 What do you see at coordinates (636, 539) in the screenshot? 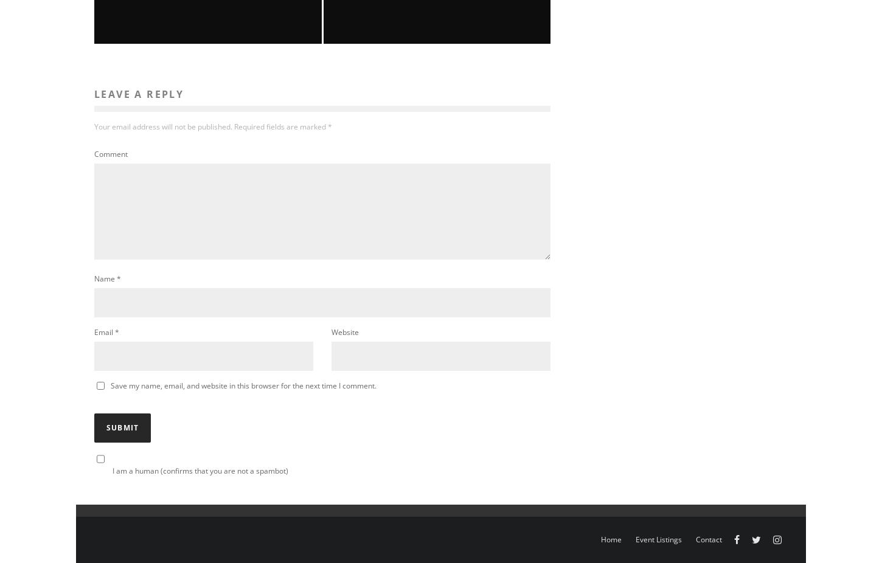
I see `'Event Listings'` at bounding box center [636, 539].